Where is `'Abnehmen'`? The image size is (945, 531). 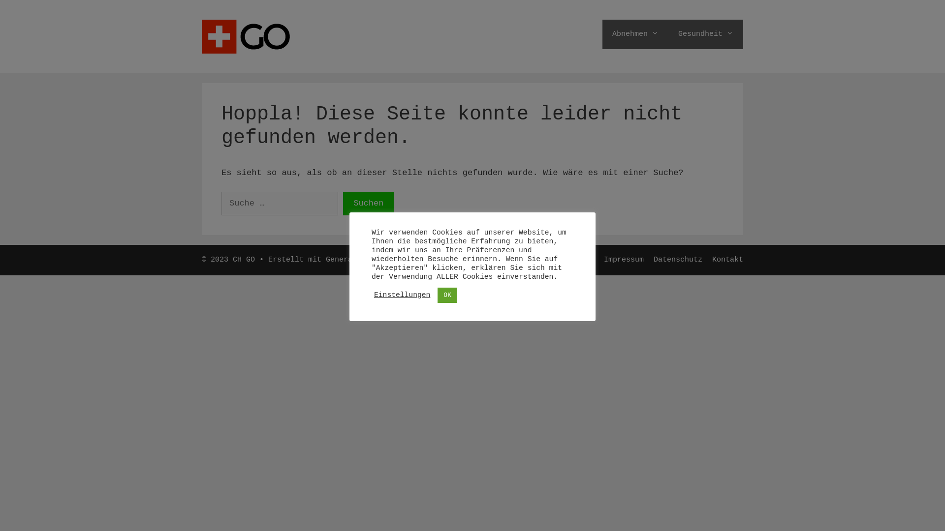
'Abnehmen' is located at coordinates (635, 33).